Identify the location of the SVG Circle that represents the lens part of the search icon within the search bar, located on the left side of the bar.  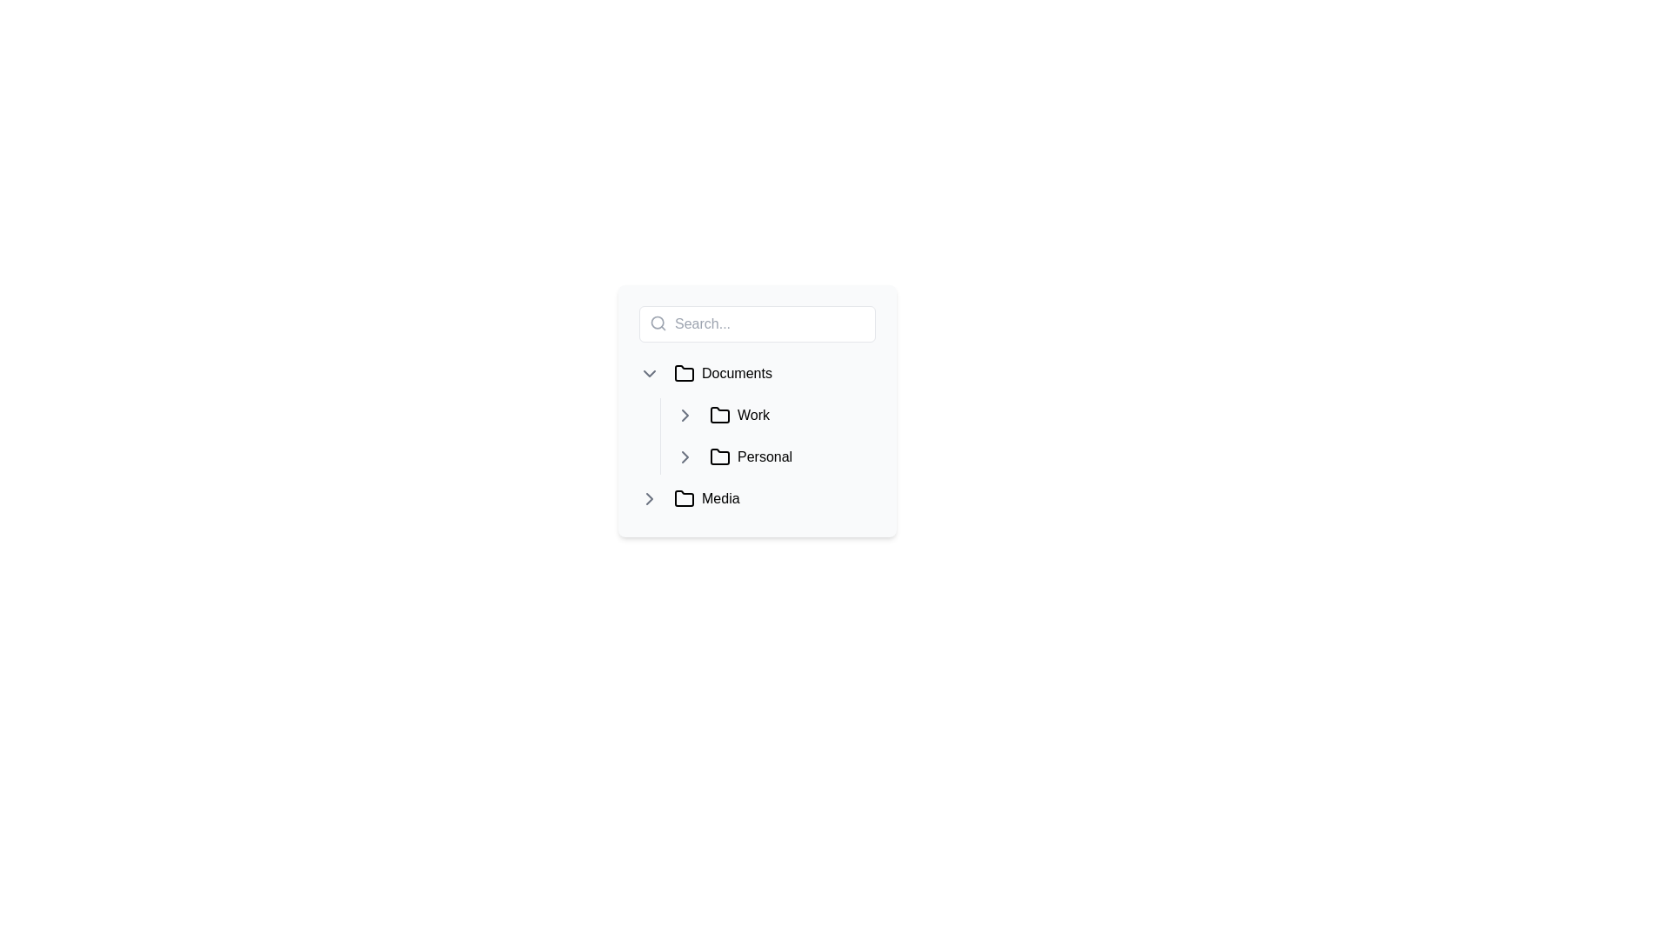
(657, 323).